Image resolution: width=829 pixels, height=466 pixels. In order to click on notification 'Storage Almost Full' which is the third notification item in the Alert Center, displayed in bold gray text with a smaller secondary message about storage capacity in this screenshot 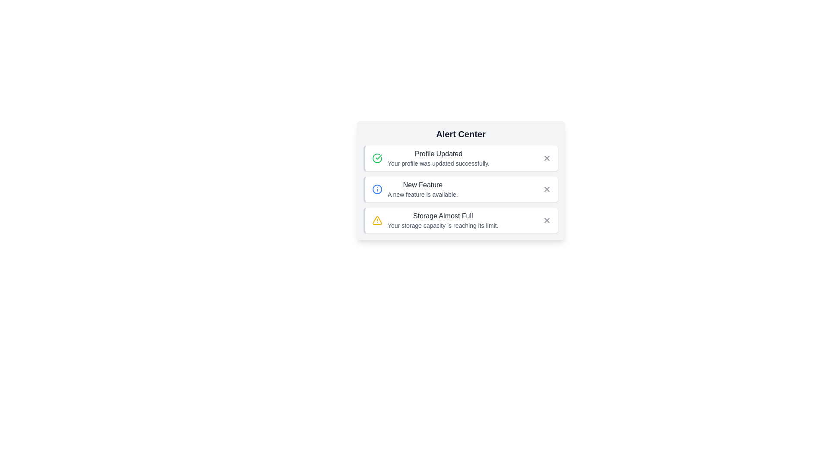, I will do `click(443, 220)`.